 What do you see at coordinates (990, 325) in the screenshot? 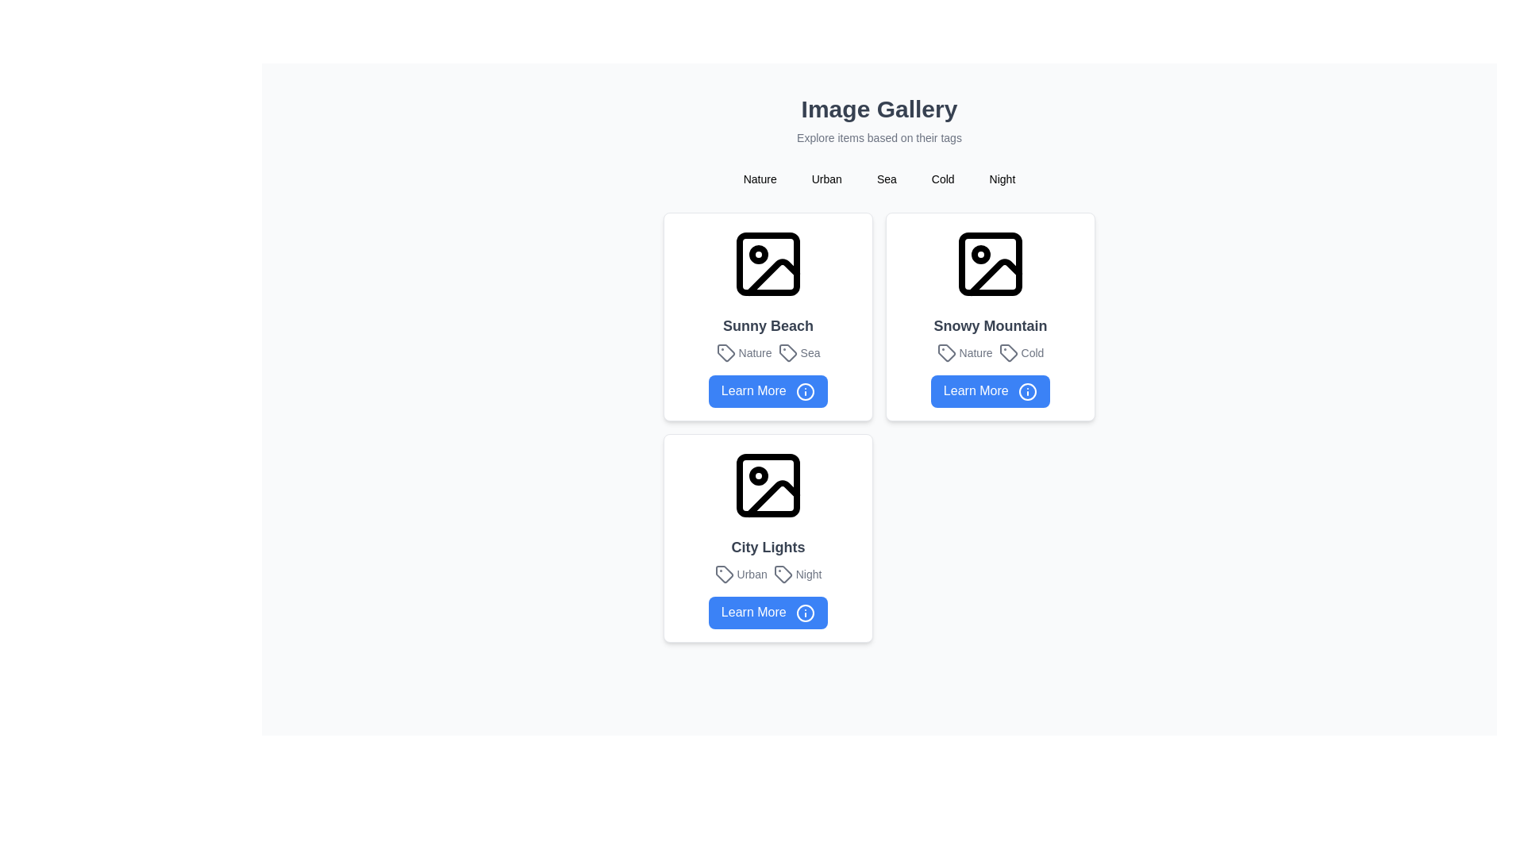
I see `the static text 'Snowy Mountain' displayed in a bold font, located below the image icon in the second card of a grid layout, to trigger any hover effects` at bounding box center [990, 325].